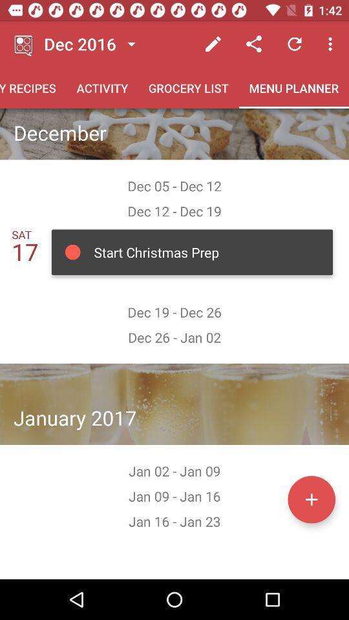 The width and height of the screenshot is (349, 620). What do you see at coordinates (24, 44) in the screenshot?
I see `the icon on the left side of dec 2016` at bounding box center [24, 44].